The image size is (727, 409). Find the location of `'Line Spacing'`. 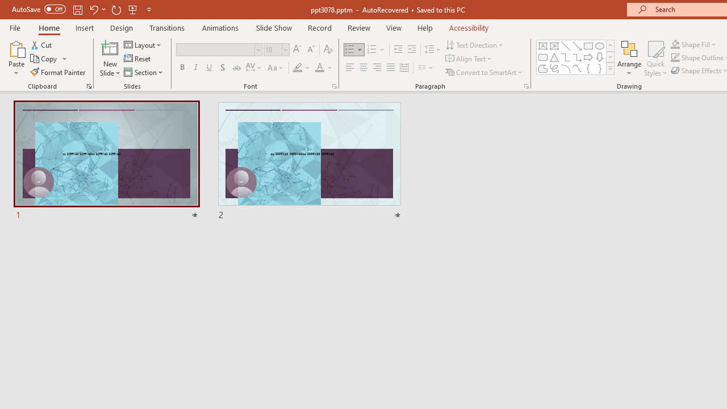

'Line Spacing' is located at coordinates (432, 49).